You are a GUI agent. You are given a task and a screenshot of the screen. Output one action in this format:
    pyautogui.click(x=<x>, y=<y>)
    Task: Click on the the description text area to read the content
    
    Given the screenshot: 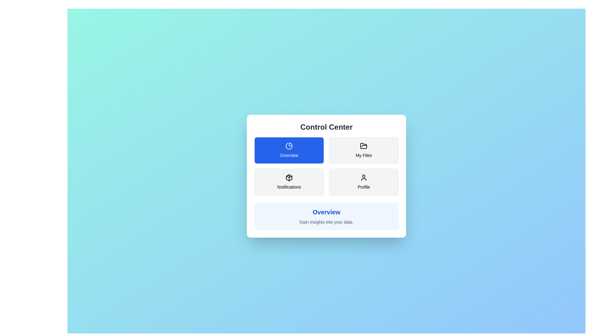 What is the action you would take?
    pyautogui.click(x=326, y=222)
    